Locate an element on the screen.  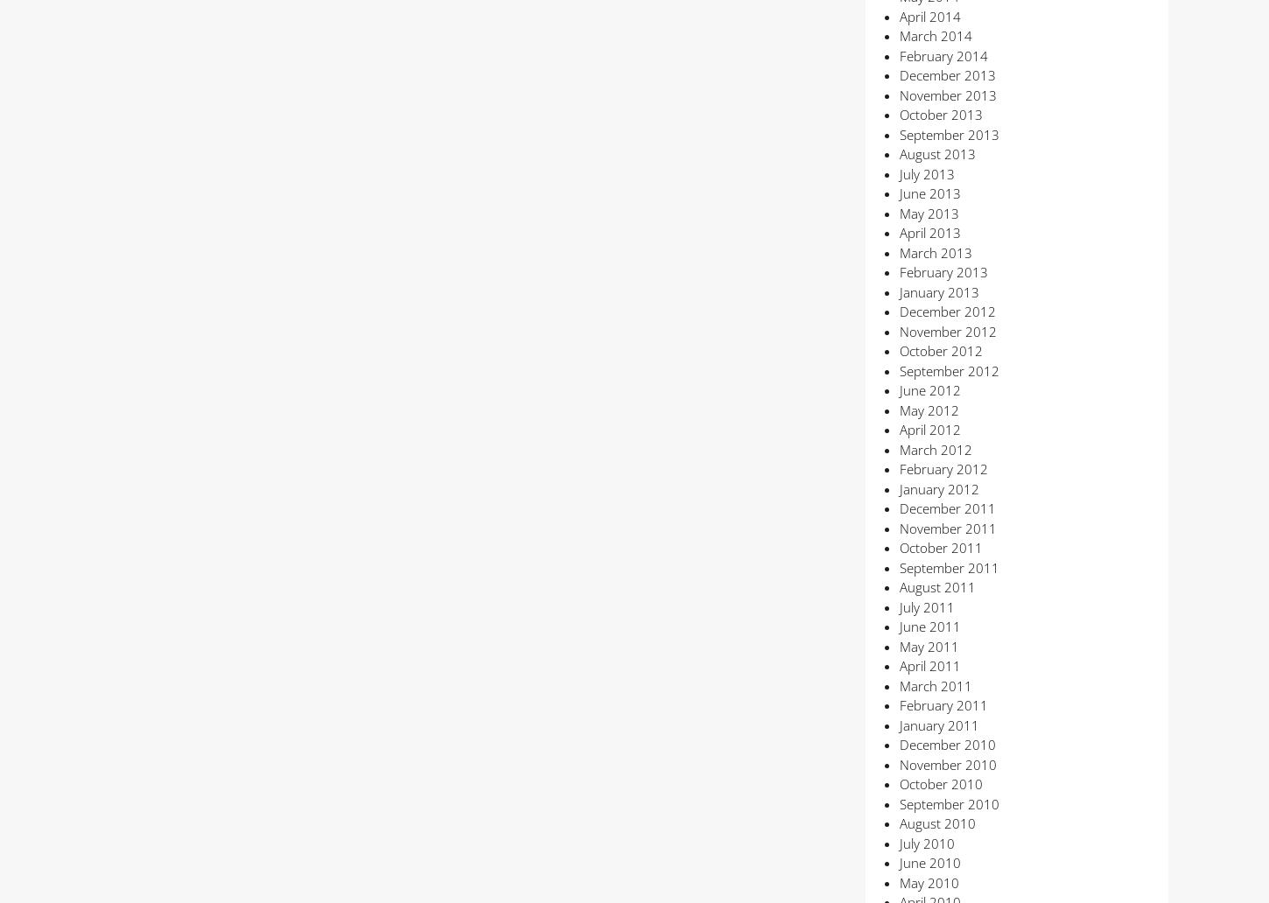
'June 2010' is located at coordinates (929, 861).